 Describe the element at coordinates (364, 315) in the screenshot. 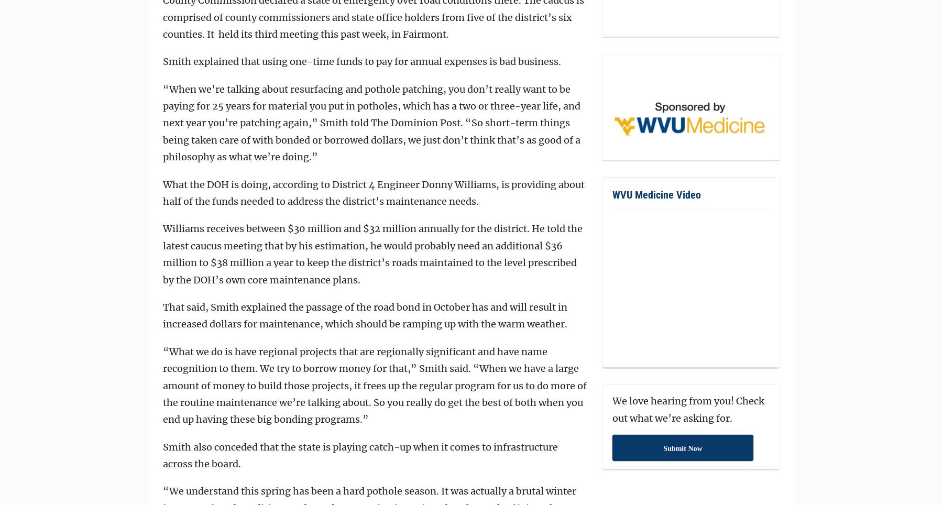

I see `'That said, Smith explained the passage of the road bond in October has and will result in increased dollars for maintenance, which should be ramping up with the warm weather.'` at that location.